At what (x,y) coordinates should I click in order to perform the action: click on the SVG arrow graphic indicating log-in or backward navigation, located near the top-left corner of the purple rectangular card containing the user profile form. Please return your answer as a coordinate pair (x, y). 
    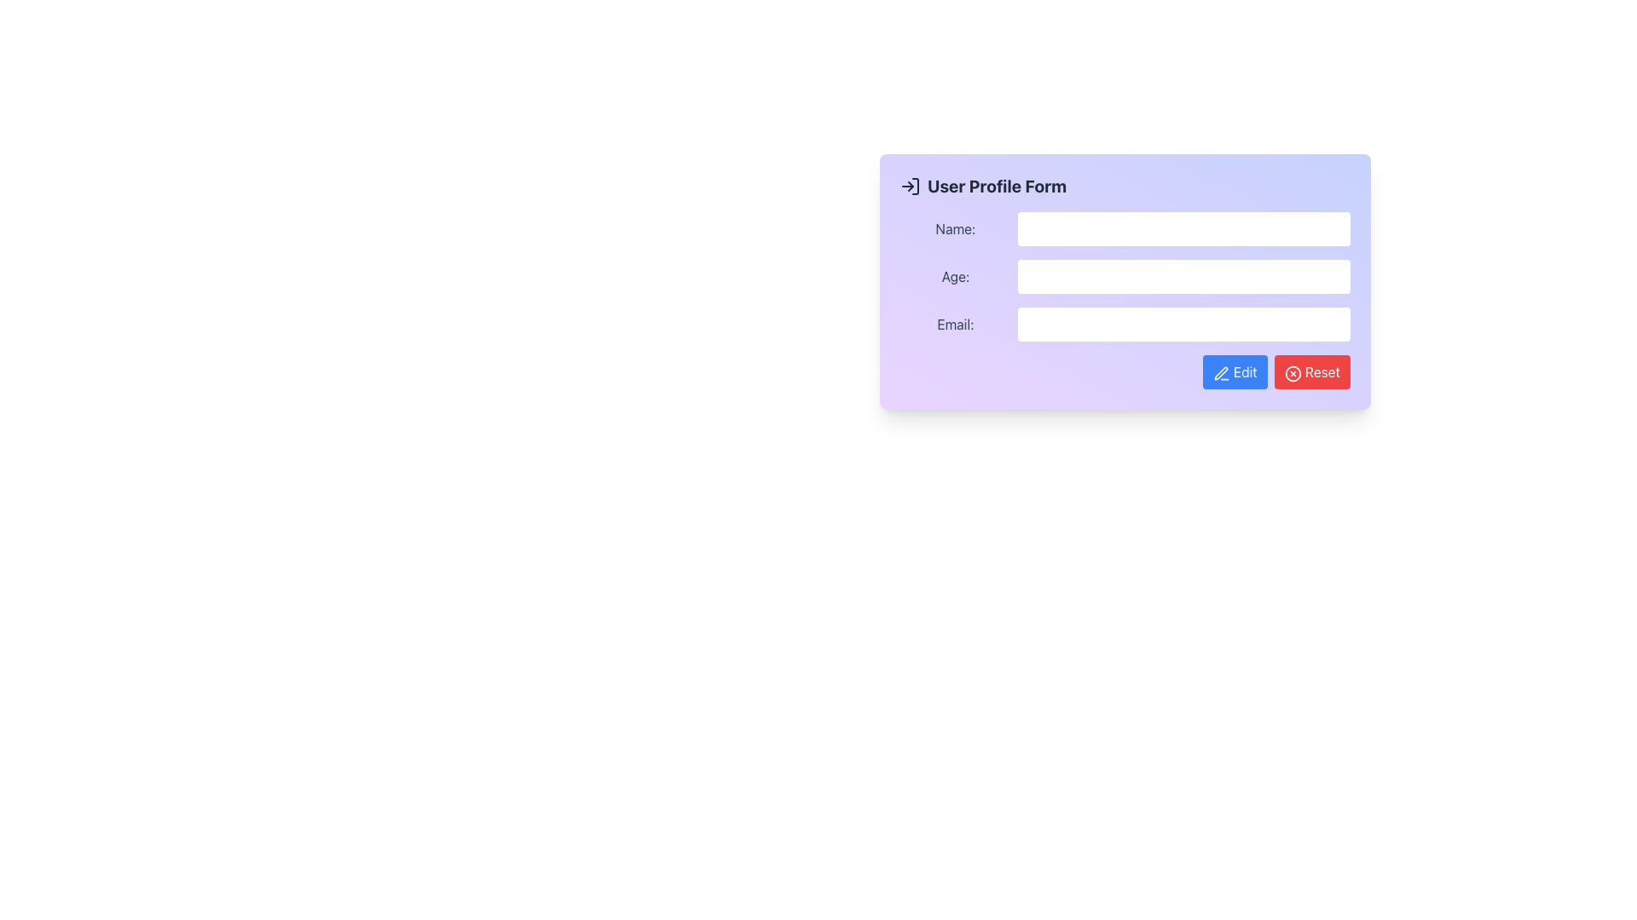
    Looking at the image, I should click on (910, 187).